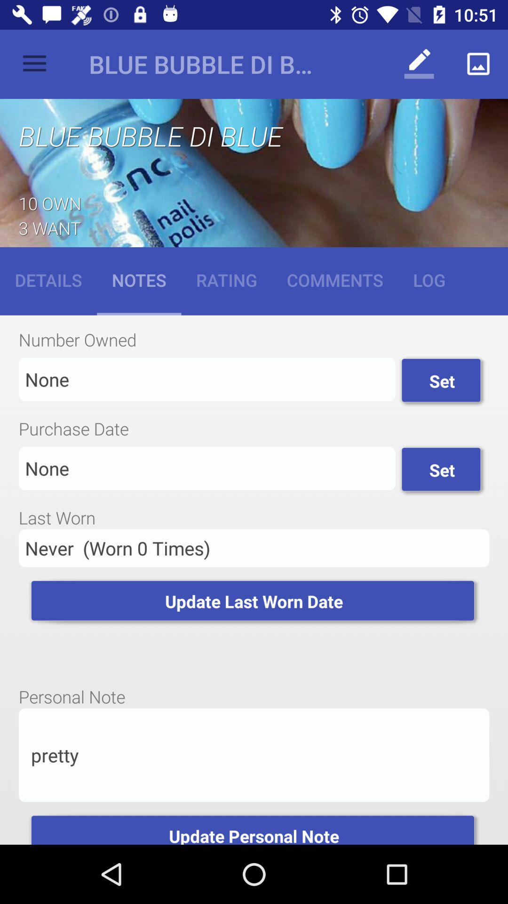 The height and width of the screenshot is (904, 508). Describe the element at coordinates (226, 279) in the screenshot. I see `rating item` at that location.